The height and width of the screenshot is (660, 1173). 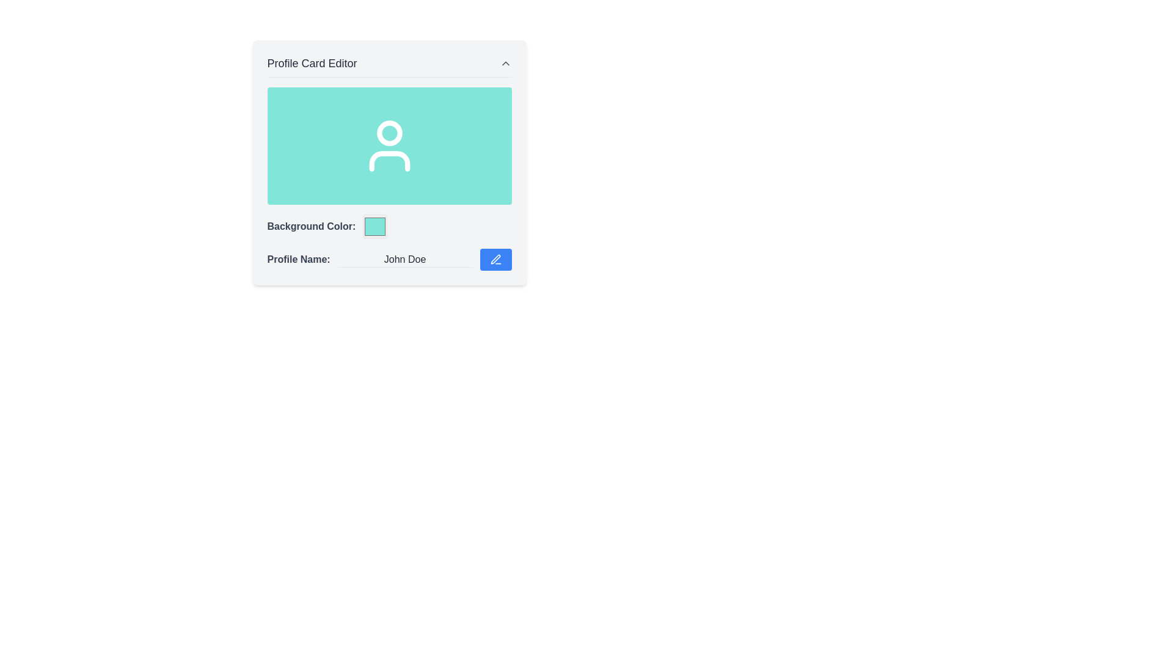 I want to click on the blue Icon button with a pen icon located at the bottom right of the 'Profile Card Editor' to initiate editing actions, so click(x=495, y=258).